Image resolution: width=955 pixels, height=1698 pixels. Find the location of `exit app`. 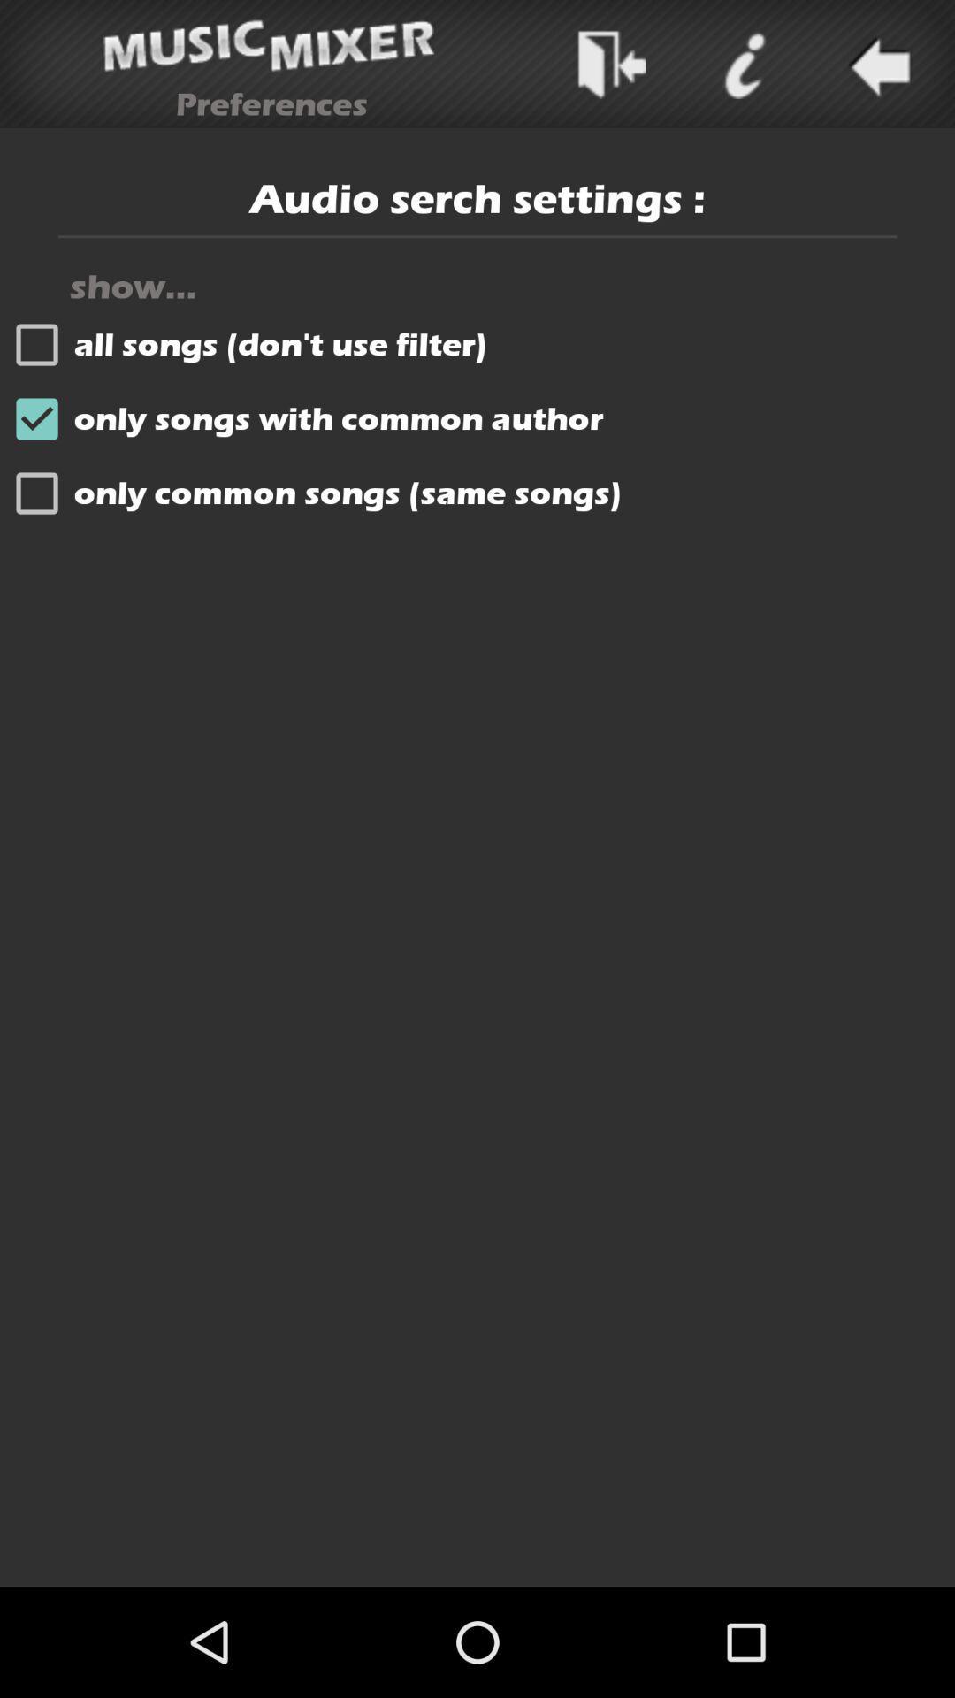

exit app is located at coordinates (610, 64).